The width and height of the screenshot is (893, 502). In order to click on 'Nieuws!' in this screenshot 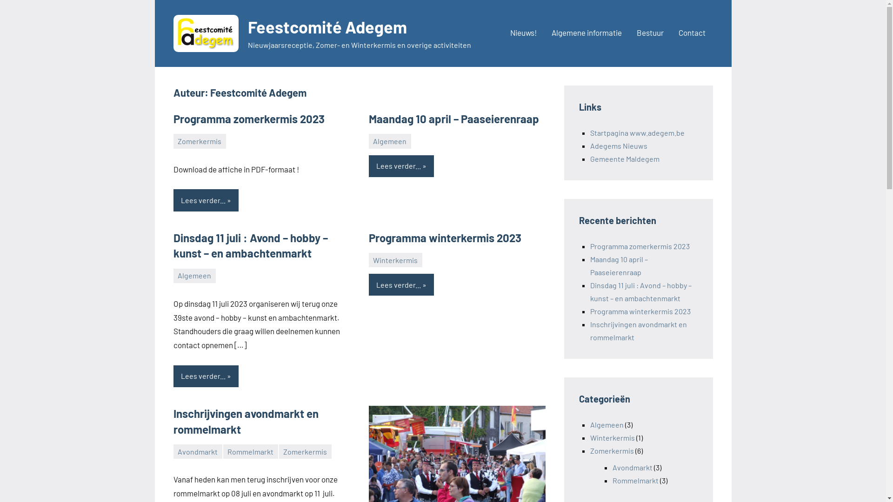, I will do `click(523, 33)`.